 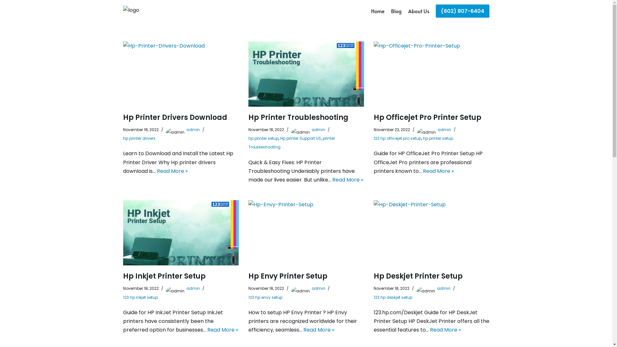 I want to click on '(602) 807-6404', so click(x=462, y=11).